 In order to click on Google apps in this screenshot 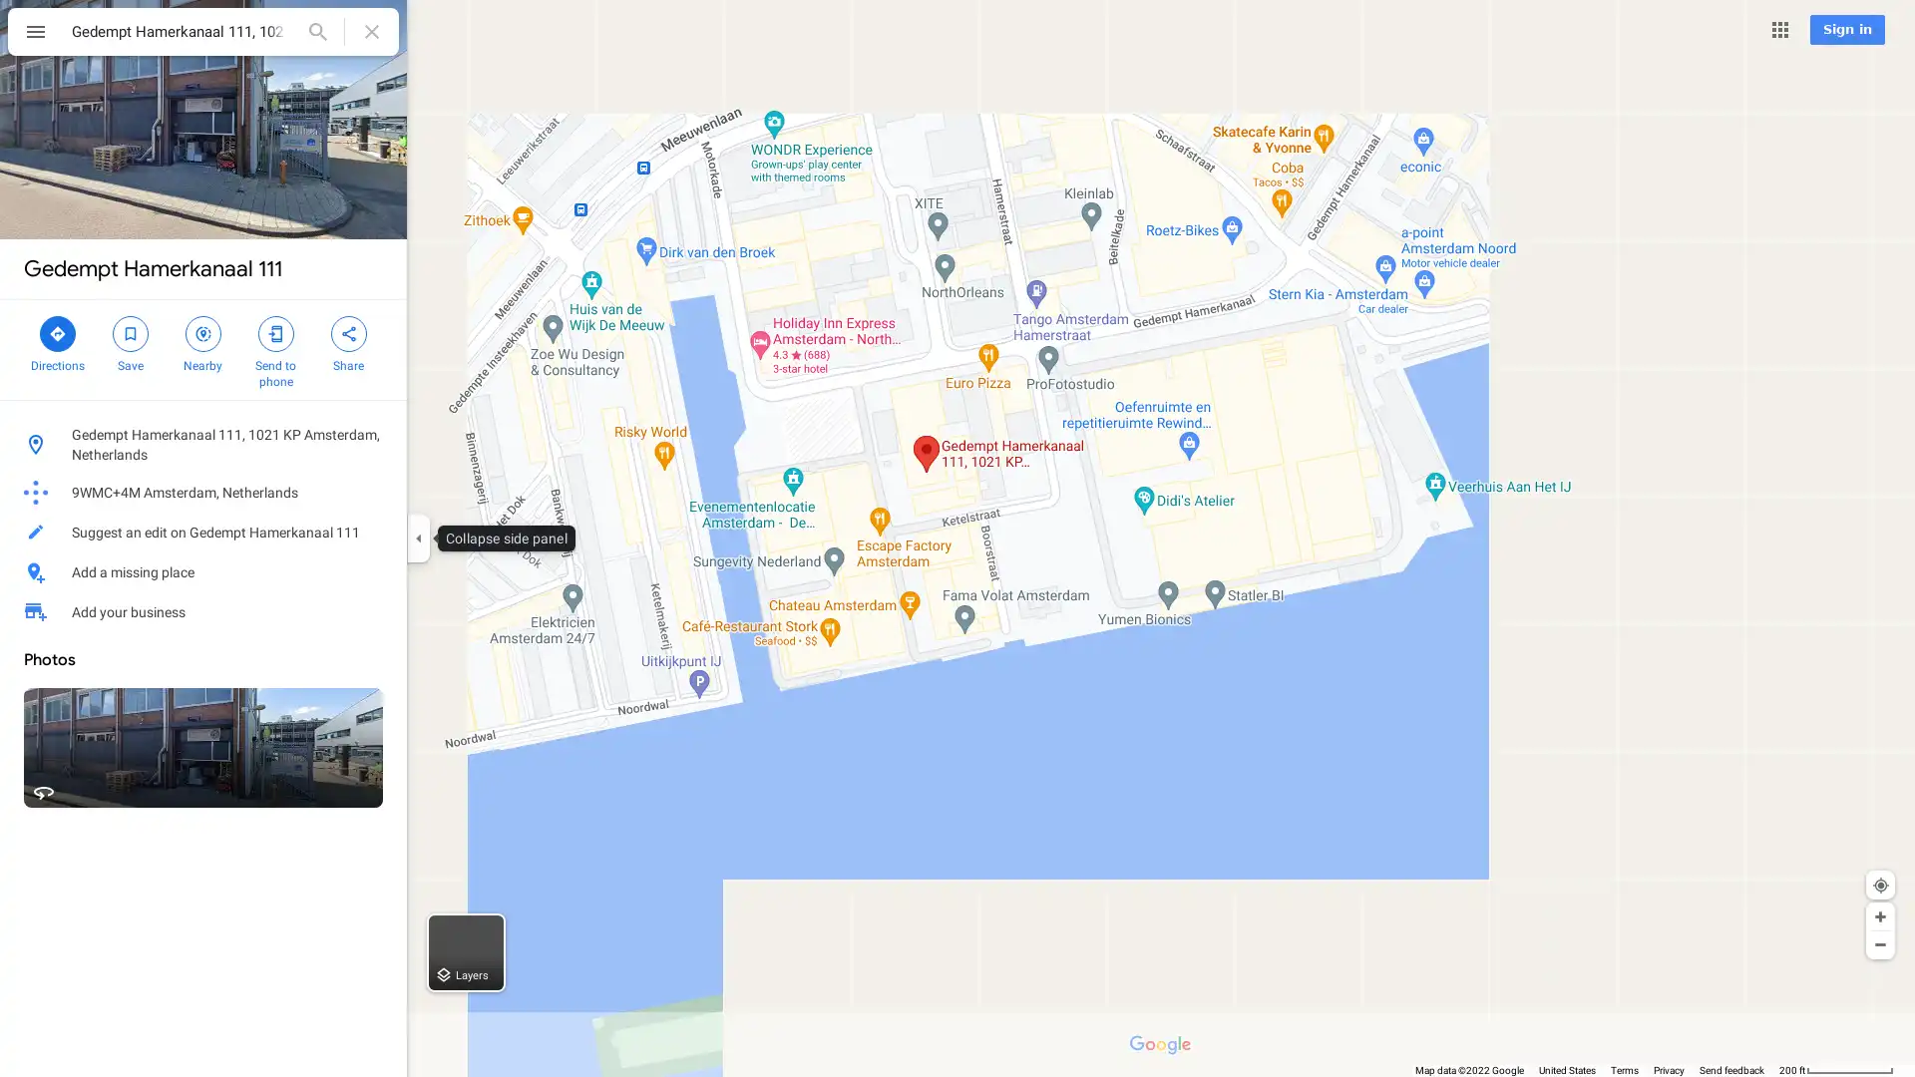, I will do `click(1780, 29)`.